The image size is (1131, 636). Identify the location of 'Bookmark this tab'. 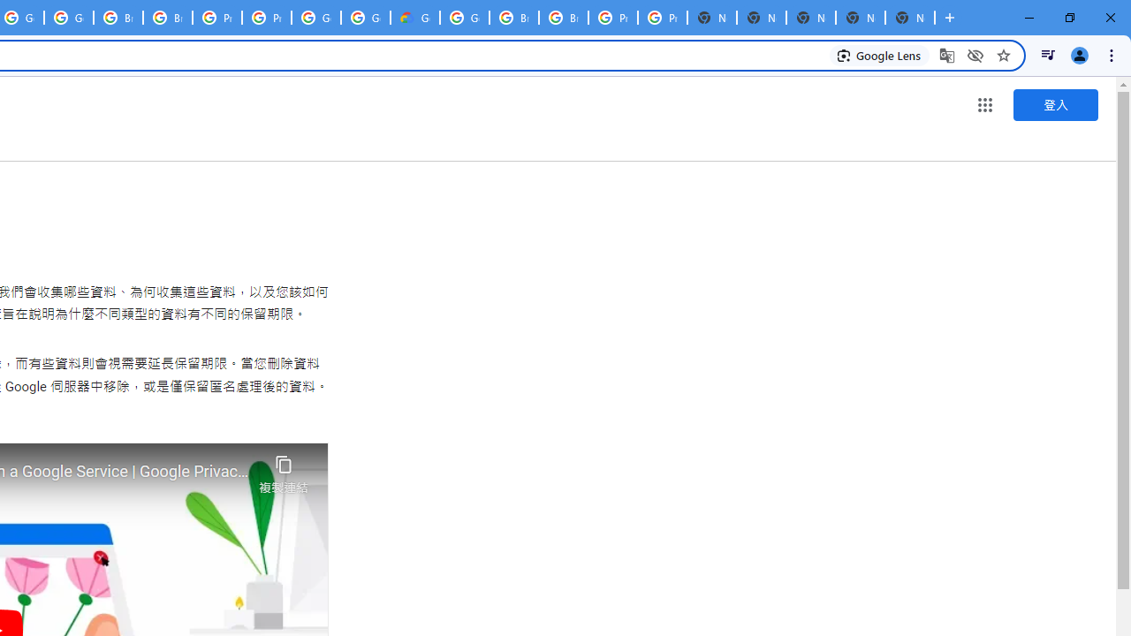
(1004, 54).